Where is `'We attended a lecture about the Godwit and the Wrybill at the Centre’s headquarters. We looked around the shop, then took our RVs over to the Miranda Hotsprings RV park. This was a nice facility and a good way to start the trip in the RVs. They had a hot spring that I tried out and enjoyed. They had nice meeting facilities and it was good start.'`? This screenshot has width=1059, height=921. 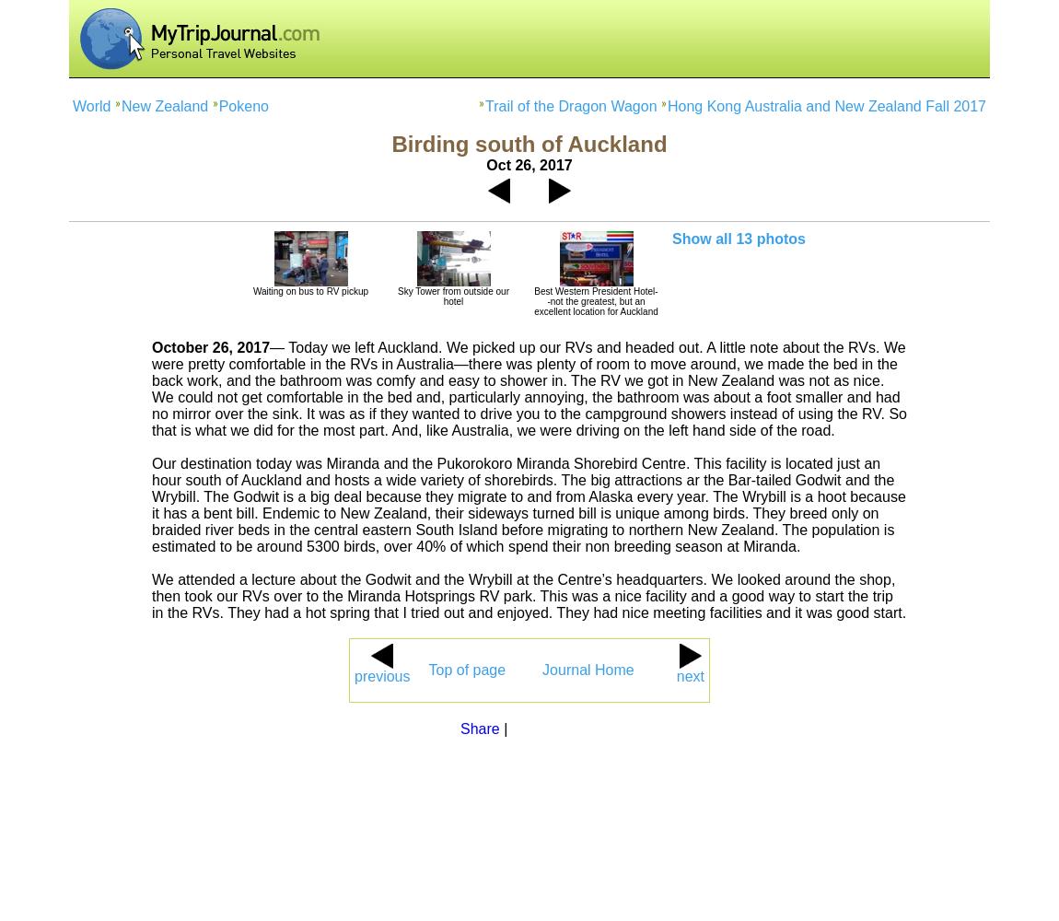 'We attended a lecture about the Godwit and the Wrybill at the Centre’s headquarters. We looked around the shop, then took our RVs over to the Miranda Hotsprings RV park. This was a nice facility and a good way to start the trip in the RVs. They had a hot spring that I tried out and enjoyed. They had nice meeting facilities and it was good start.' is located at coordinates (529, 596).